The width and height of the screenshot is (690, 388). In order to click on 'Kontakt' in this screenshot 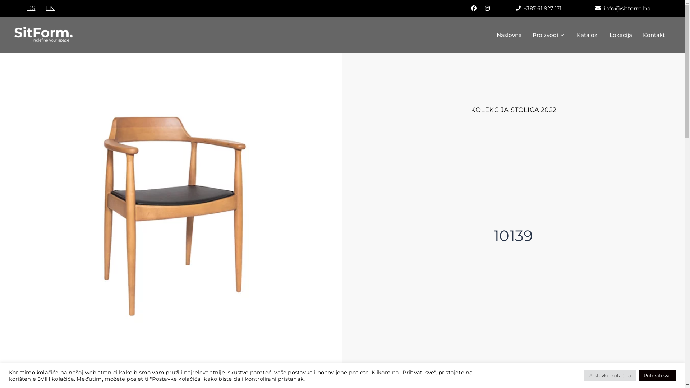, I will do `click(654, 34)`.